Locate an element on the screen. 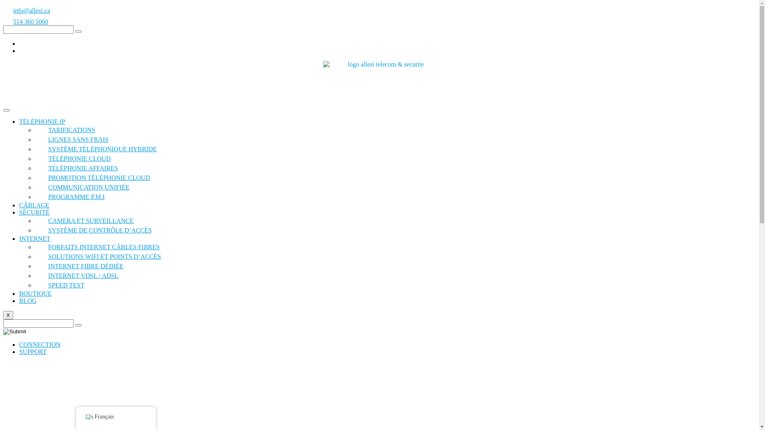 The width and height of the screenshot is (765, 430). 'BOUTIQUE' is located at coordinates (35, 293).